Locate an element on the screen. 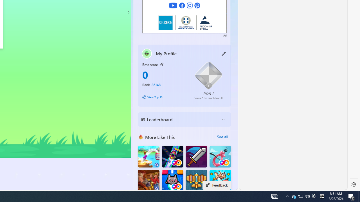 The image size is (360, 202). 'See all' is located at coordinates (222, 137).